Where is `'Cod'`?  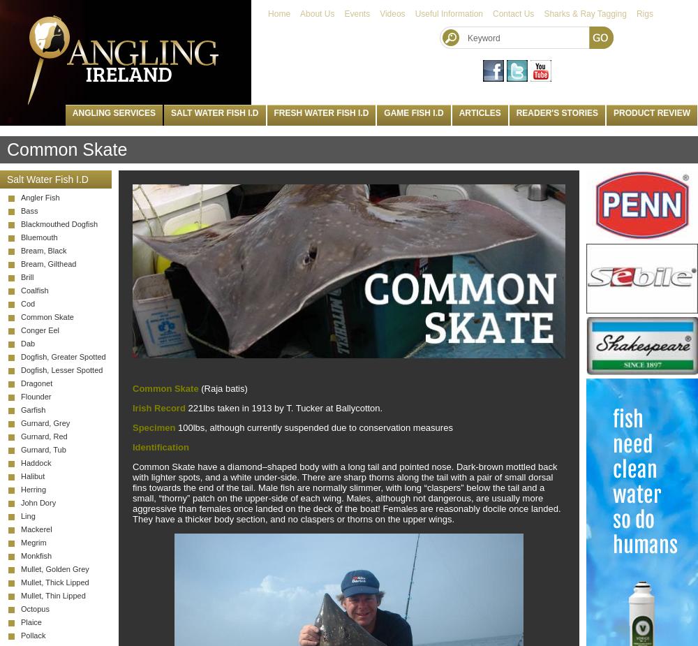
'Cod' is located at coordinates (28, 303).